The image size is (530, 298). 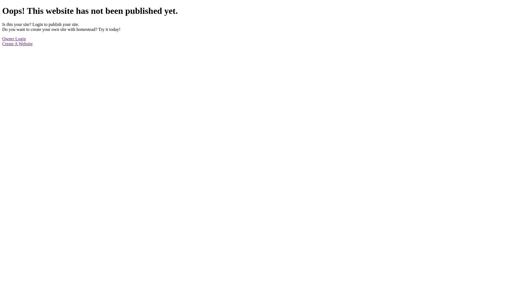 I want to click on 'Owner Login', so click(x=2, y=38).